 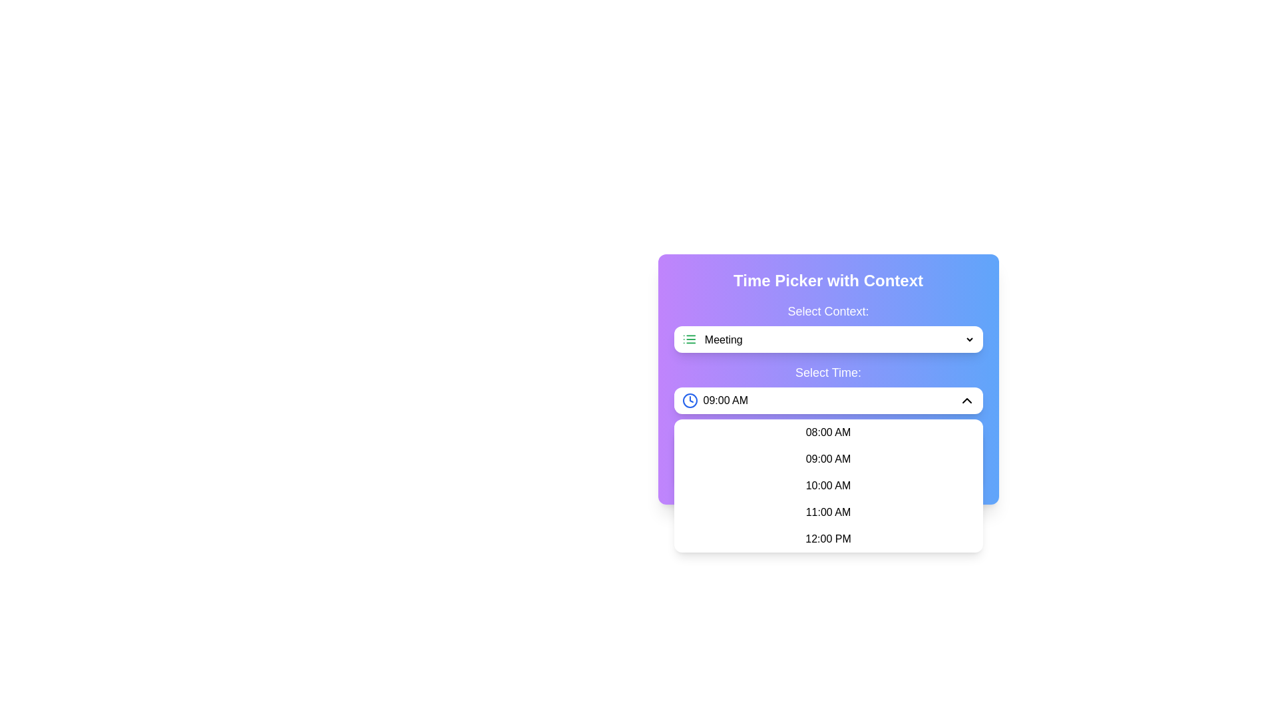 What do you see at coordinates (827, 388) in the screenshot?
I see `a time option from the dropdown menu located beneath the 'Select Context:' dropdown, which is centered within the interface card` at bounding box center [827, 388].